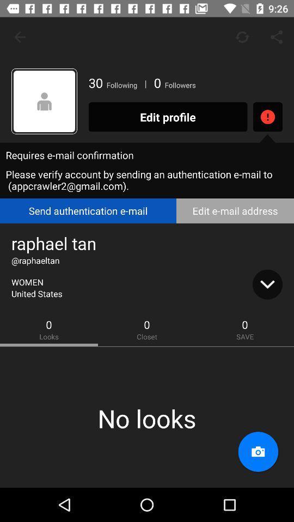 Image resolution: width=294 pixels, height=522 pixels. Describe the element at coordinates (267, 284) in the screenshot. I see `the expand_more icon` at that location.